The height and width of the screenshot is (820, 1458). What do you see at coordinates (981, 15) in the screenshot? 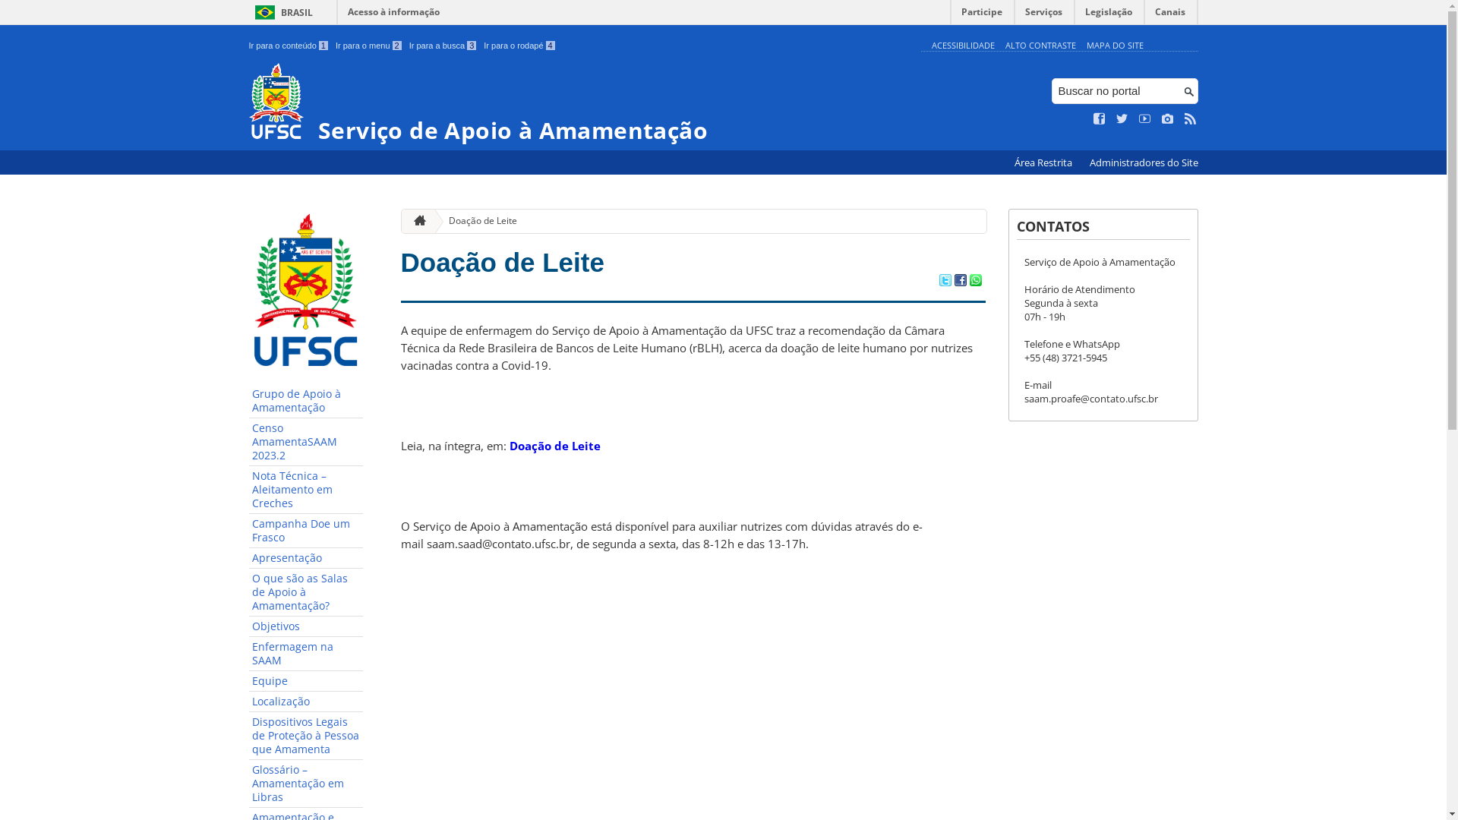
I see `'Participe'` at bounding box center [981, 15].